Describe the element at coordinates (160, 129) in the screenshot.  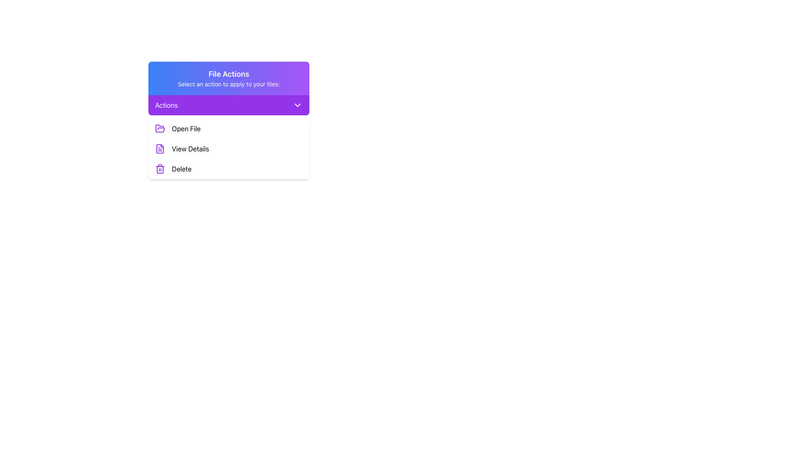
I see `the purple folder icon located next to the text 'Open File' under the 'File Actions' section` at that location.